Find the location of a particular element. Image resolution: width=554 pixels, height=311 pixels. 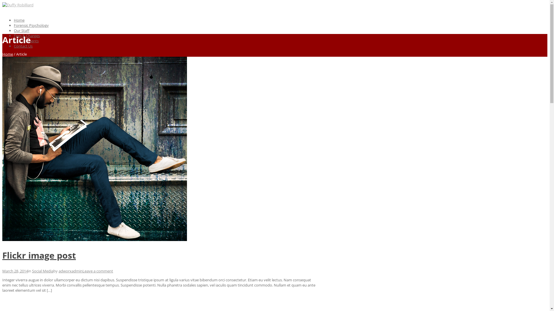

'Contact Us' is located at coordinates (23, 45).